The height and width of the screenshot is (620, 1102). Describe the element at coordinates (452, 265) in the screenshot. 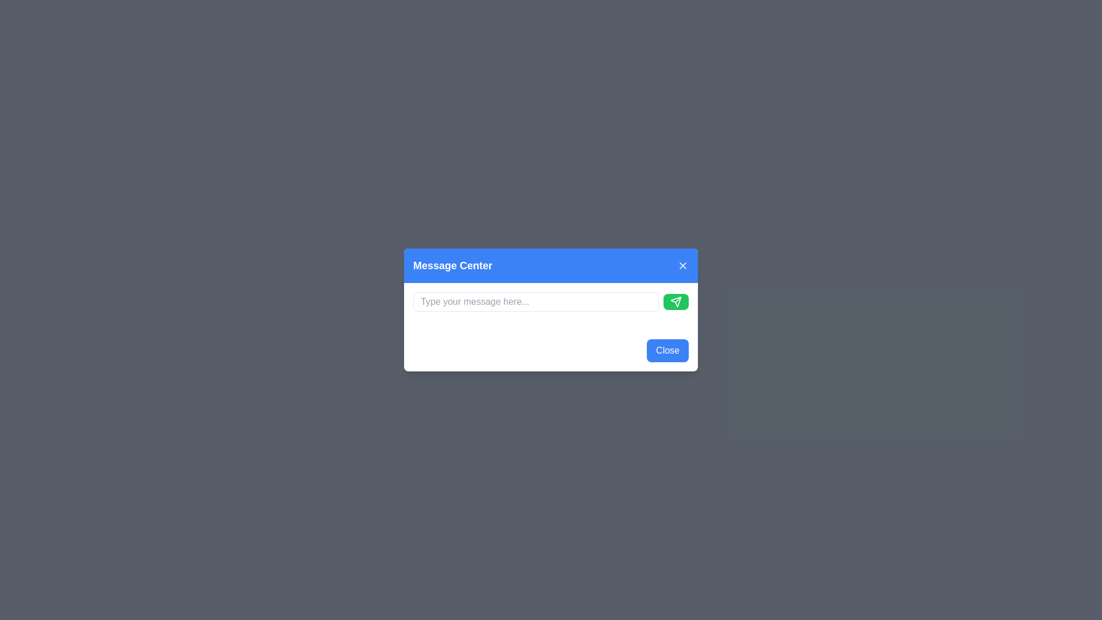

I see `the title text element of the modal dialog, which indicates the modal's purpose related to messaging` at that location.